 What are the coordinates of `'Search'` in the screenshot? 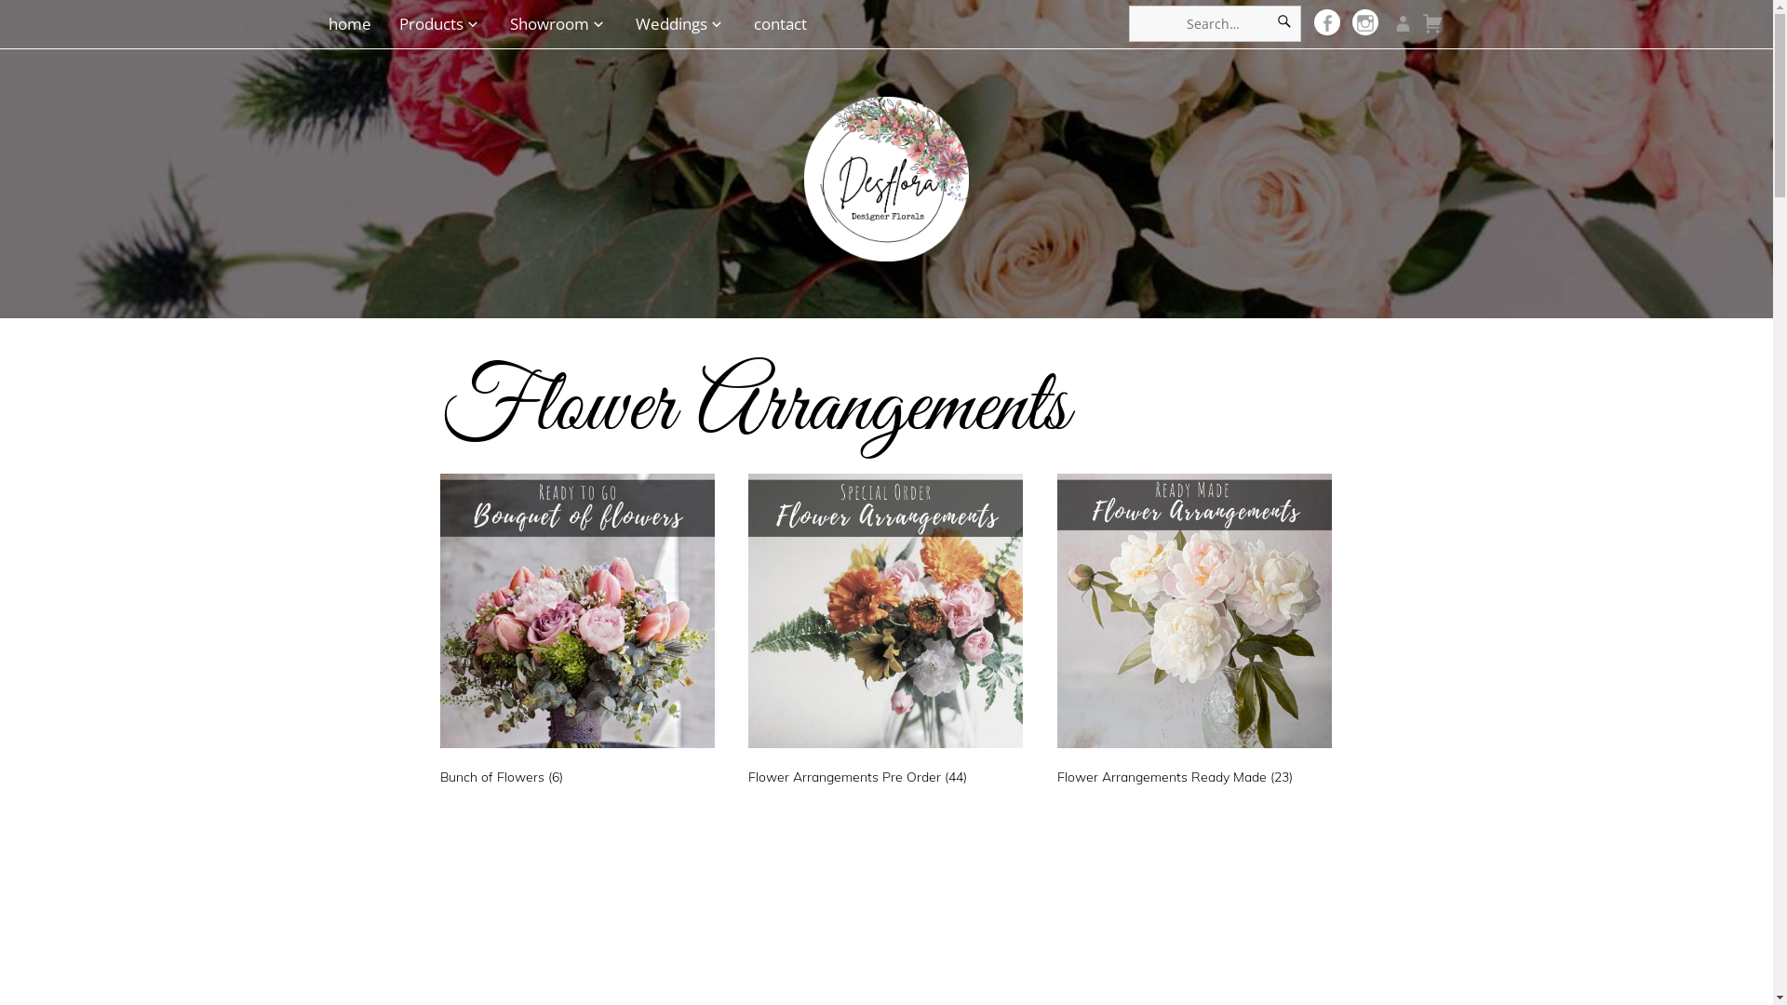 It's located at (1283, 23).